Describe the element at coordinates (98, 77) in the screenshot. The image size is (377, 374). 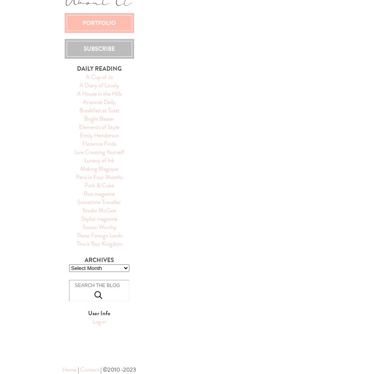
I see `'A Cup of Jo'` at that location.